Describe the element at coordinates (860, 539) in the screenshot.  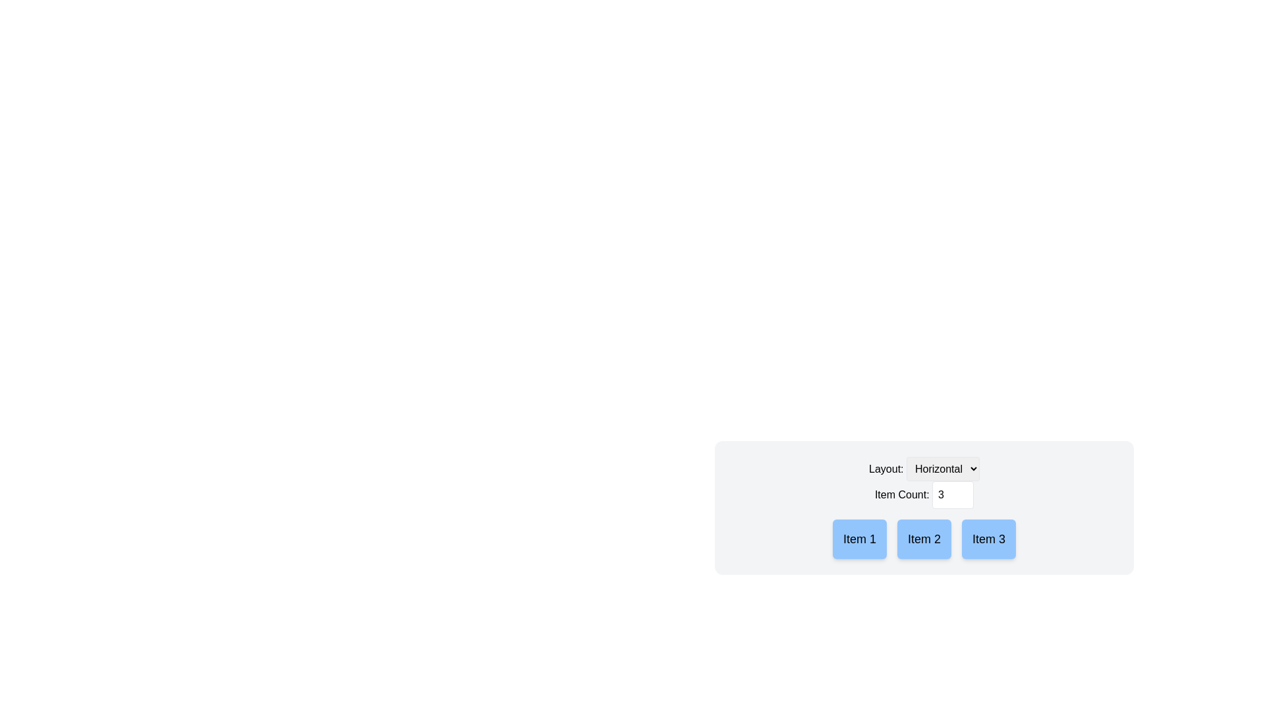
I see `the first button with a blue background and the text 'Item 1', which is located centrally in the lower portion of the interface` at that location.